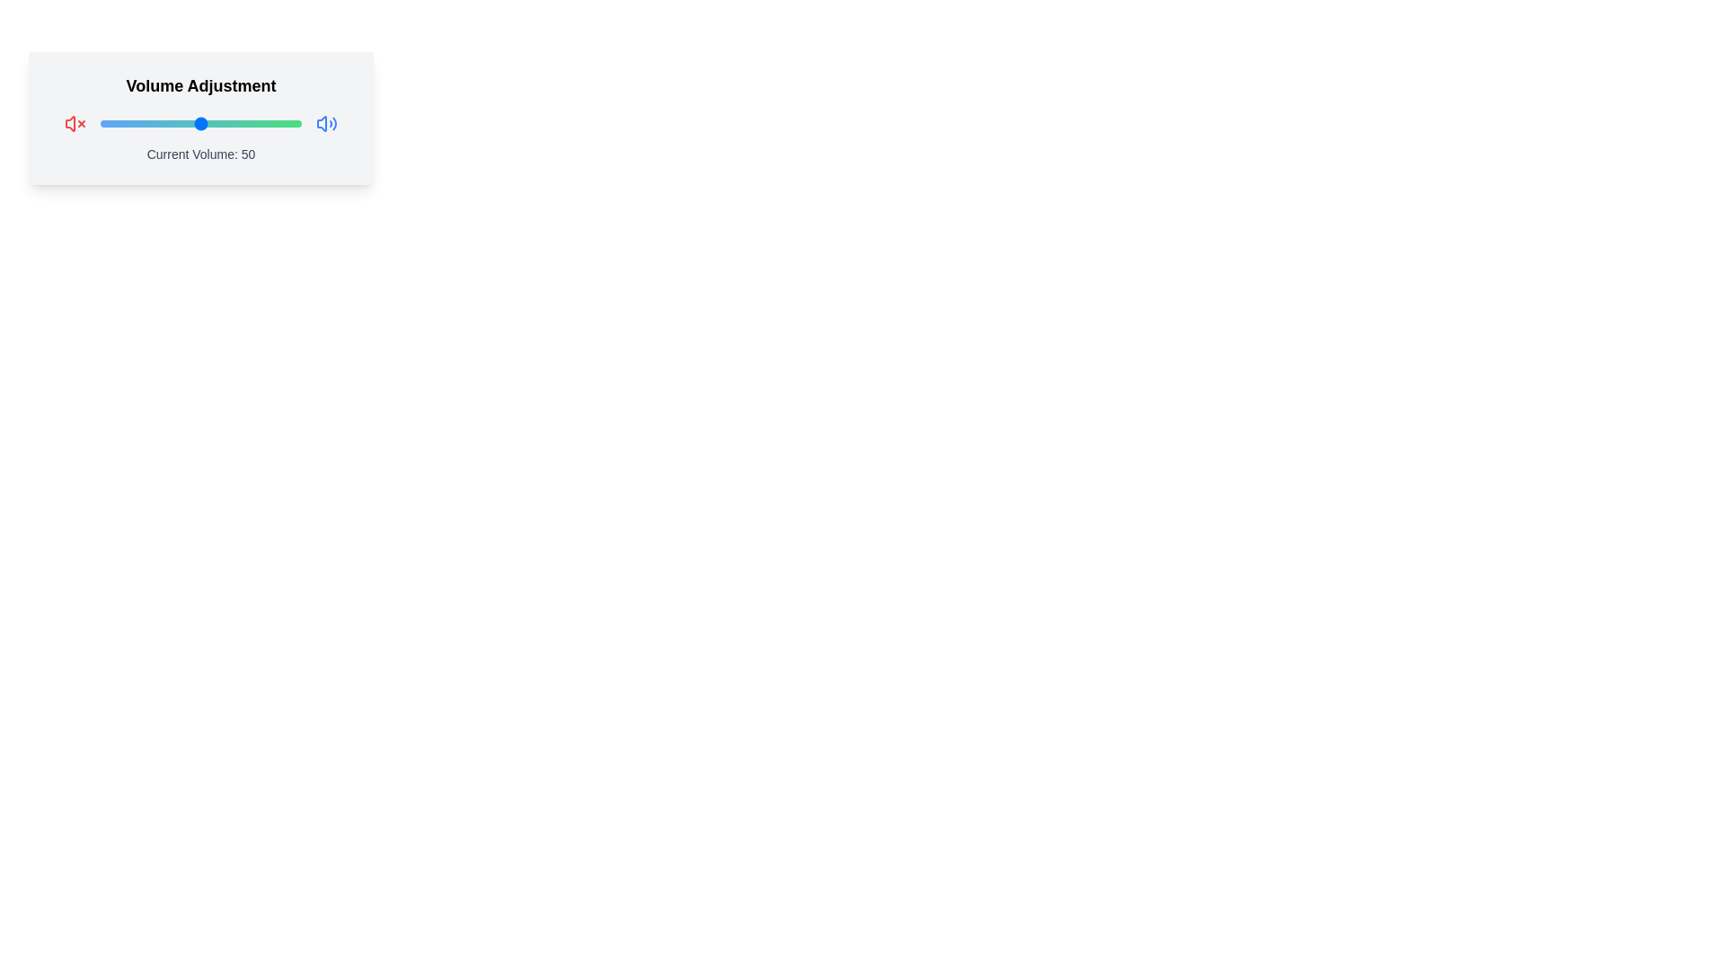  Describe the element at coordinates (250, 123) in the screenshot. I see `the slider to set the volume to 75` at that location.